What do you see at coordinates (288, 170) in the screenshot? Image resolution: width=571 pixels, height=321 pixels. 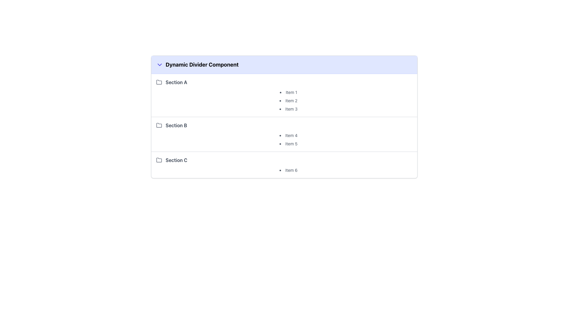 I see `the Text Label displaying 'Item 6' located under Section C in the hierarchical list` at bounding box center [288, 170].